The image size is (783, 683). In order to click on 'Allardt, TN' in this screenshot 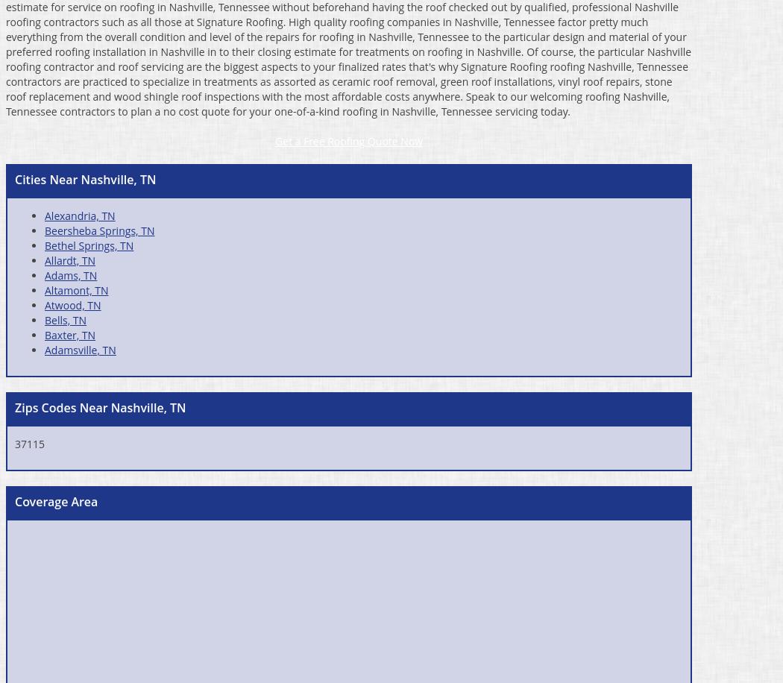, I will do `click(69, 259)`.